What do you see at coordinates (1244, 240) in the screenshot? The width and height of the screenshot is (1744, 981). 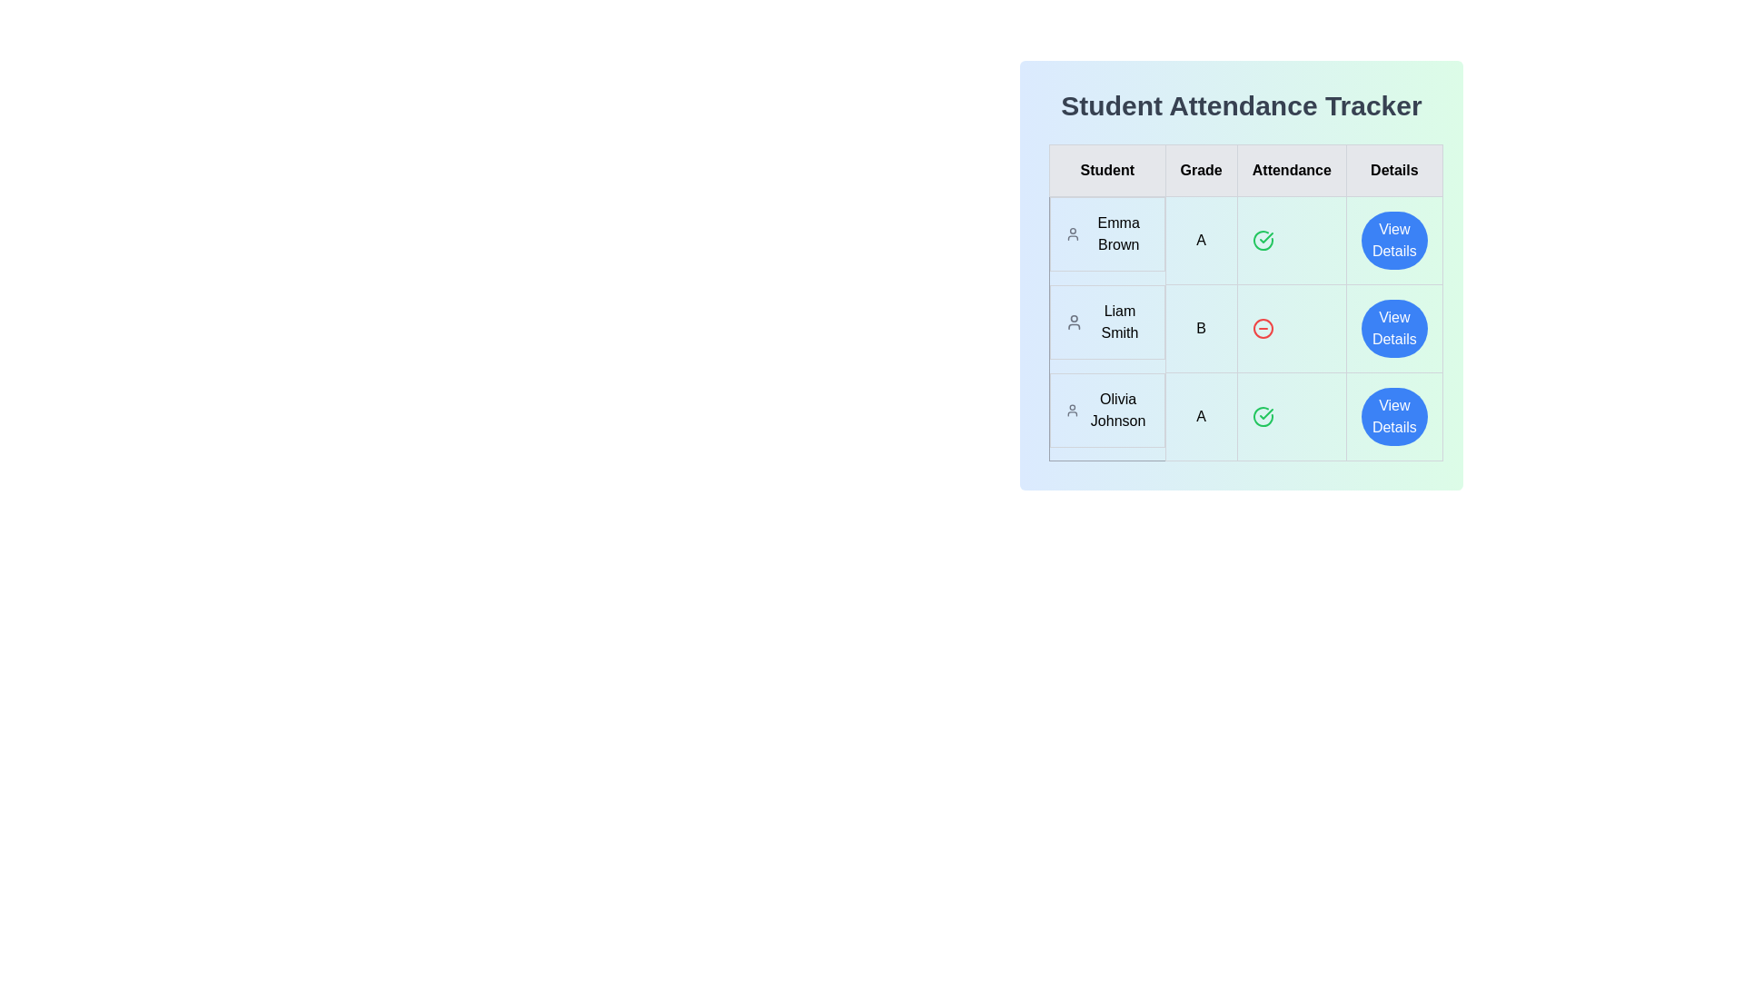 I see `the row corresponding to Emma Brown to highlight it` at bounding box center [1244, 240].